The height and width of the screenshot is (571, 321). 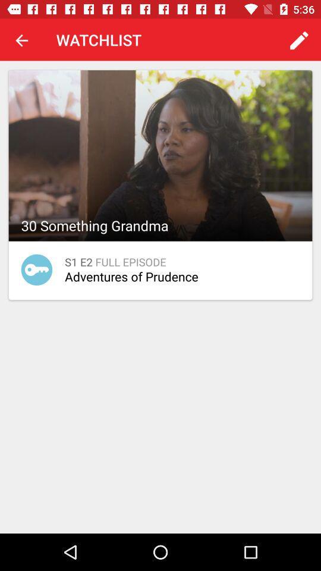 I want to click on the icon at top right corner of the page, so click(x=298, y=40).